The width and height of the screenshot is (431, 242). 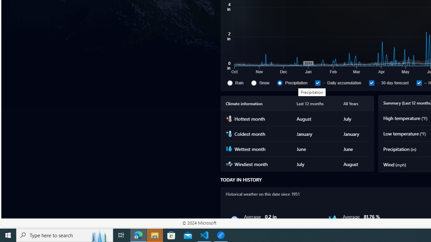 I want to click on 'Snow', so click(x=263, y=82).